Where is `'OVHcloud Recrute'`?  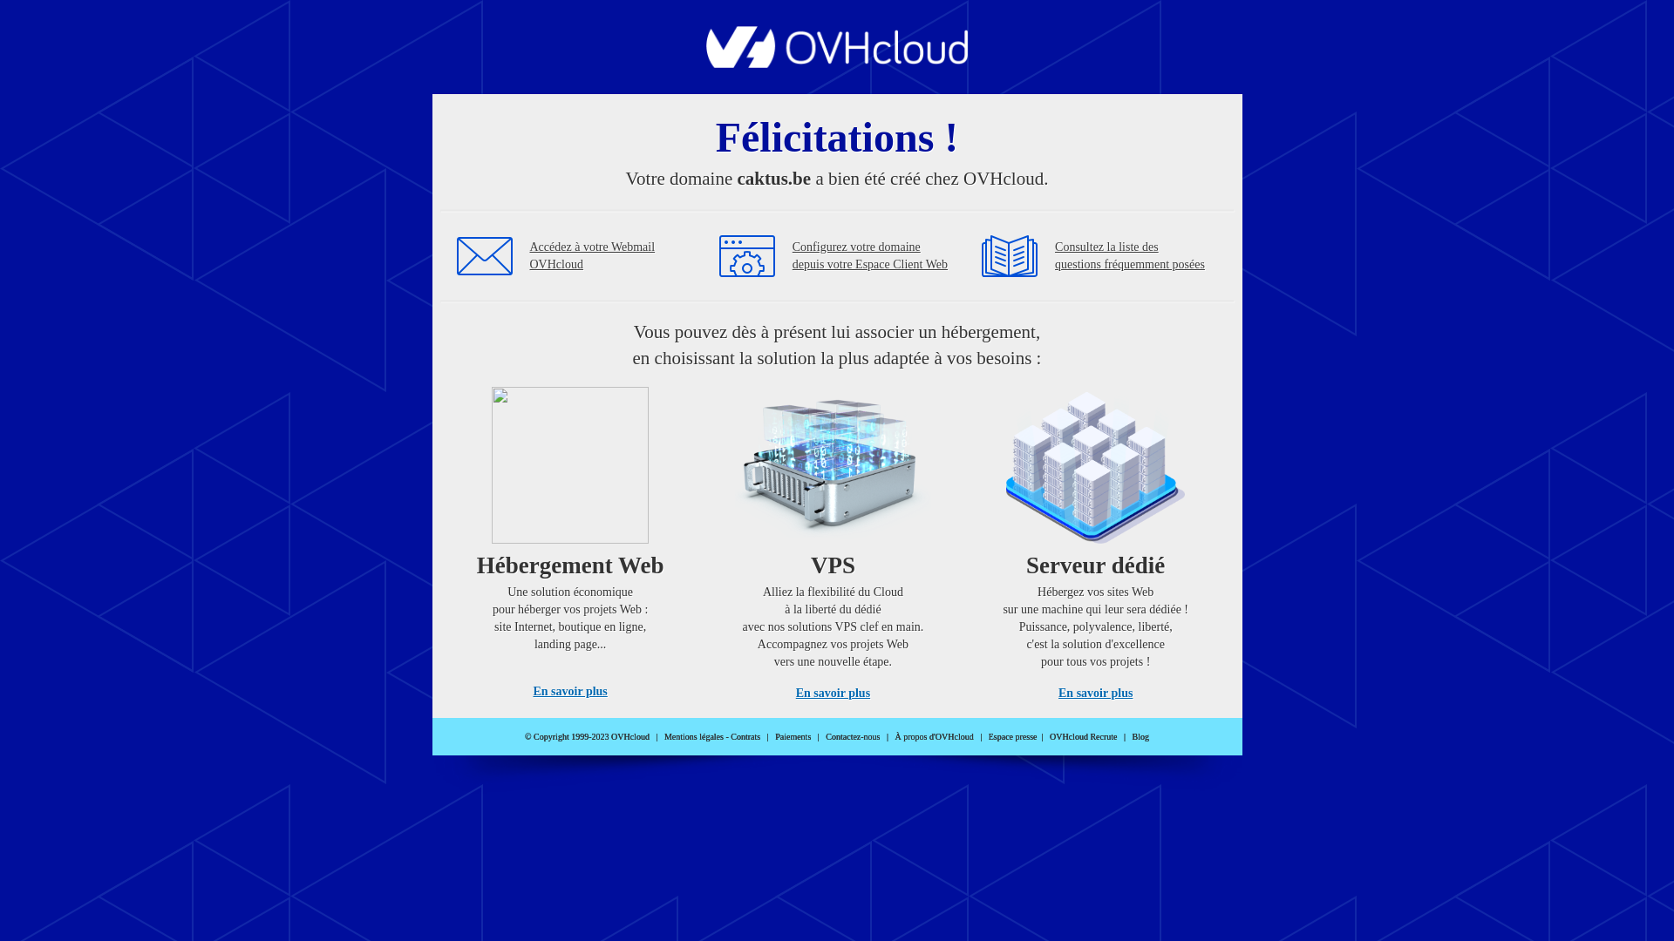
'OVHcloud Recrute' is located at coordinates (1082, 736).